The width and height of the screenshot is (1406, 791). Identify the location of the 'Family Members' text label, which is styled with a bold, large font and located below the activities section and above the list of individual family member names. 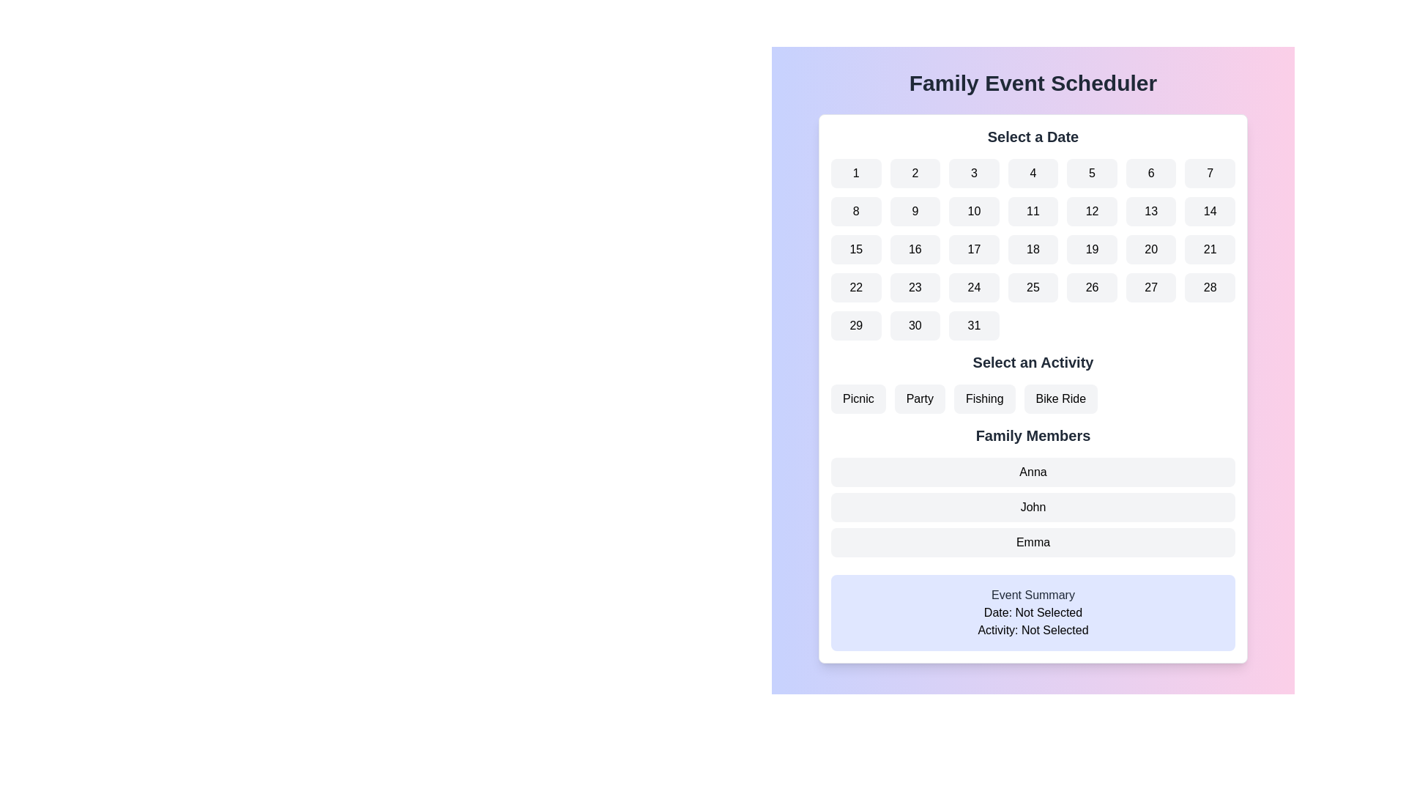
(1033, 434).